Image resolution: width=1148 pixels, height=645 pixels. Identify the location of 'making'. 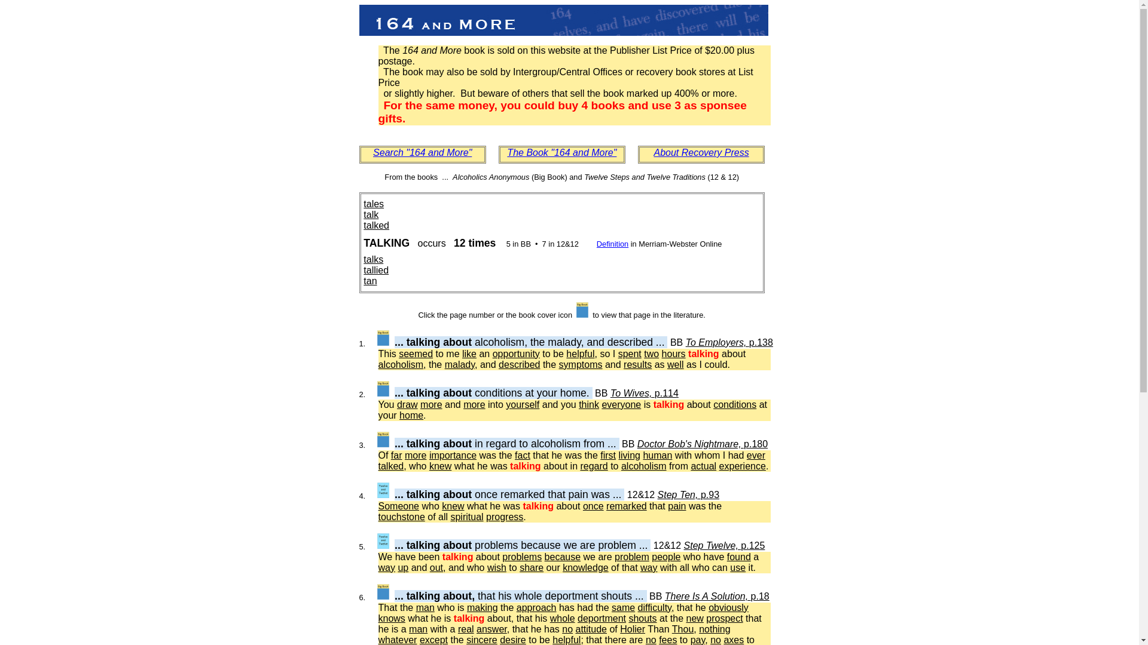
(482, 607).